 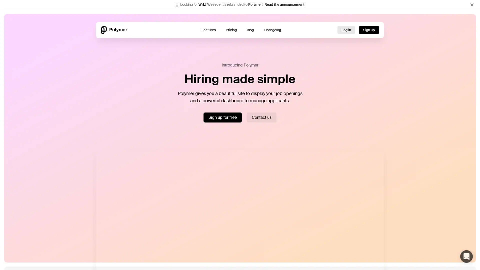 I want to click on Open Intercom Messenger, so click(x=466, y=256).